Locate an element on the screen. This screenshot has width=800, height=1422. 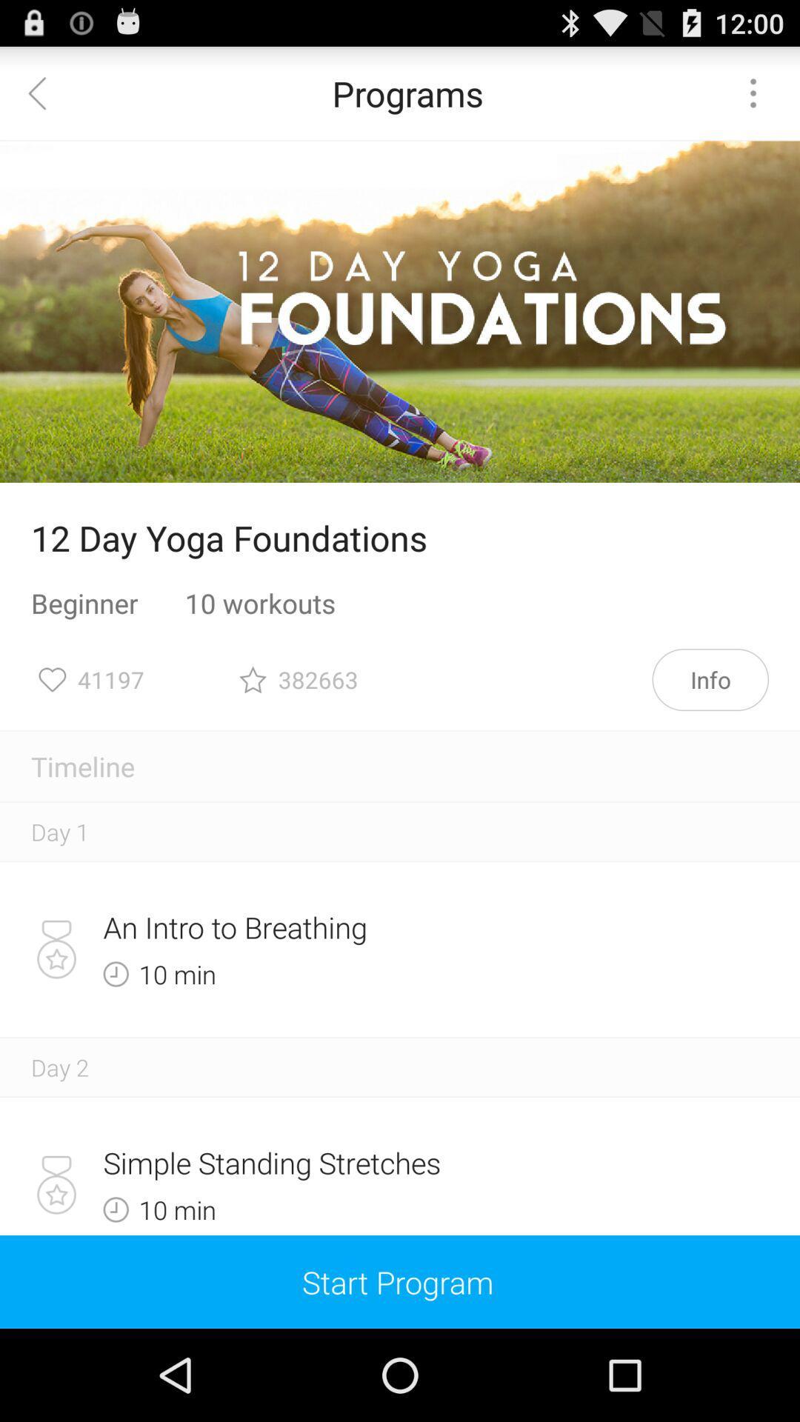
day 1 icon is located at coordinates (59, 832).